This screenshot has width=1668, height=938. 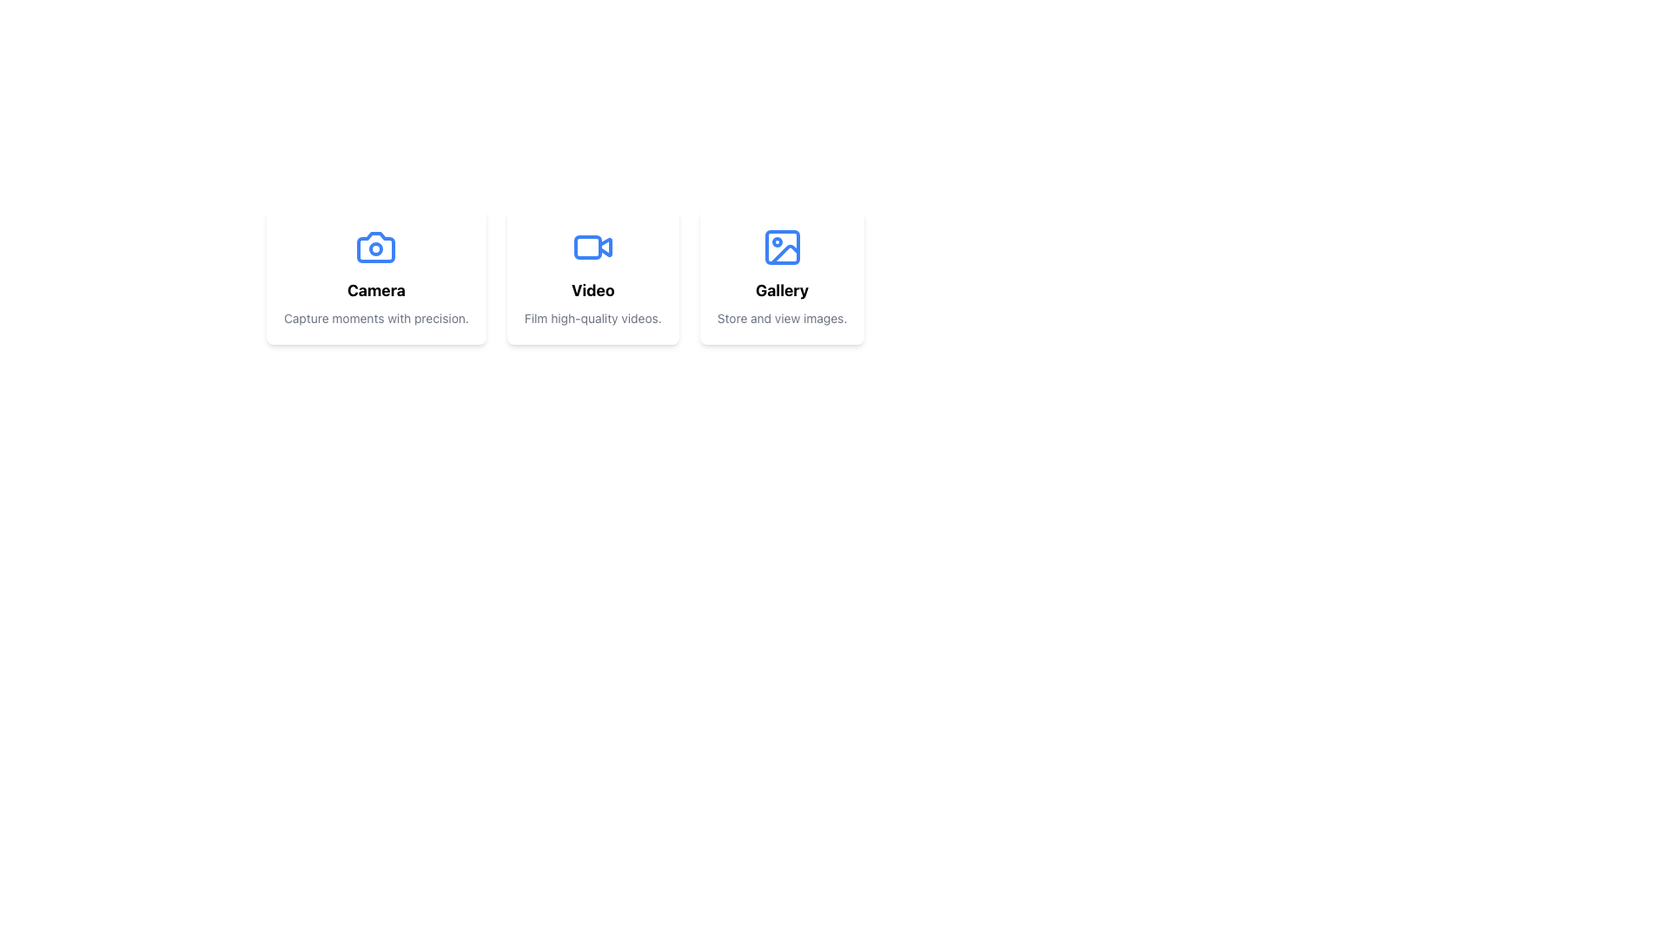 I want to click on the vector graphic icon located at the bottom-right area of the third card in a horizontal row of cards, so click(x=784, y=254).